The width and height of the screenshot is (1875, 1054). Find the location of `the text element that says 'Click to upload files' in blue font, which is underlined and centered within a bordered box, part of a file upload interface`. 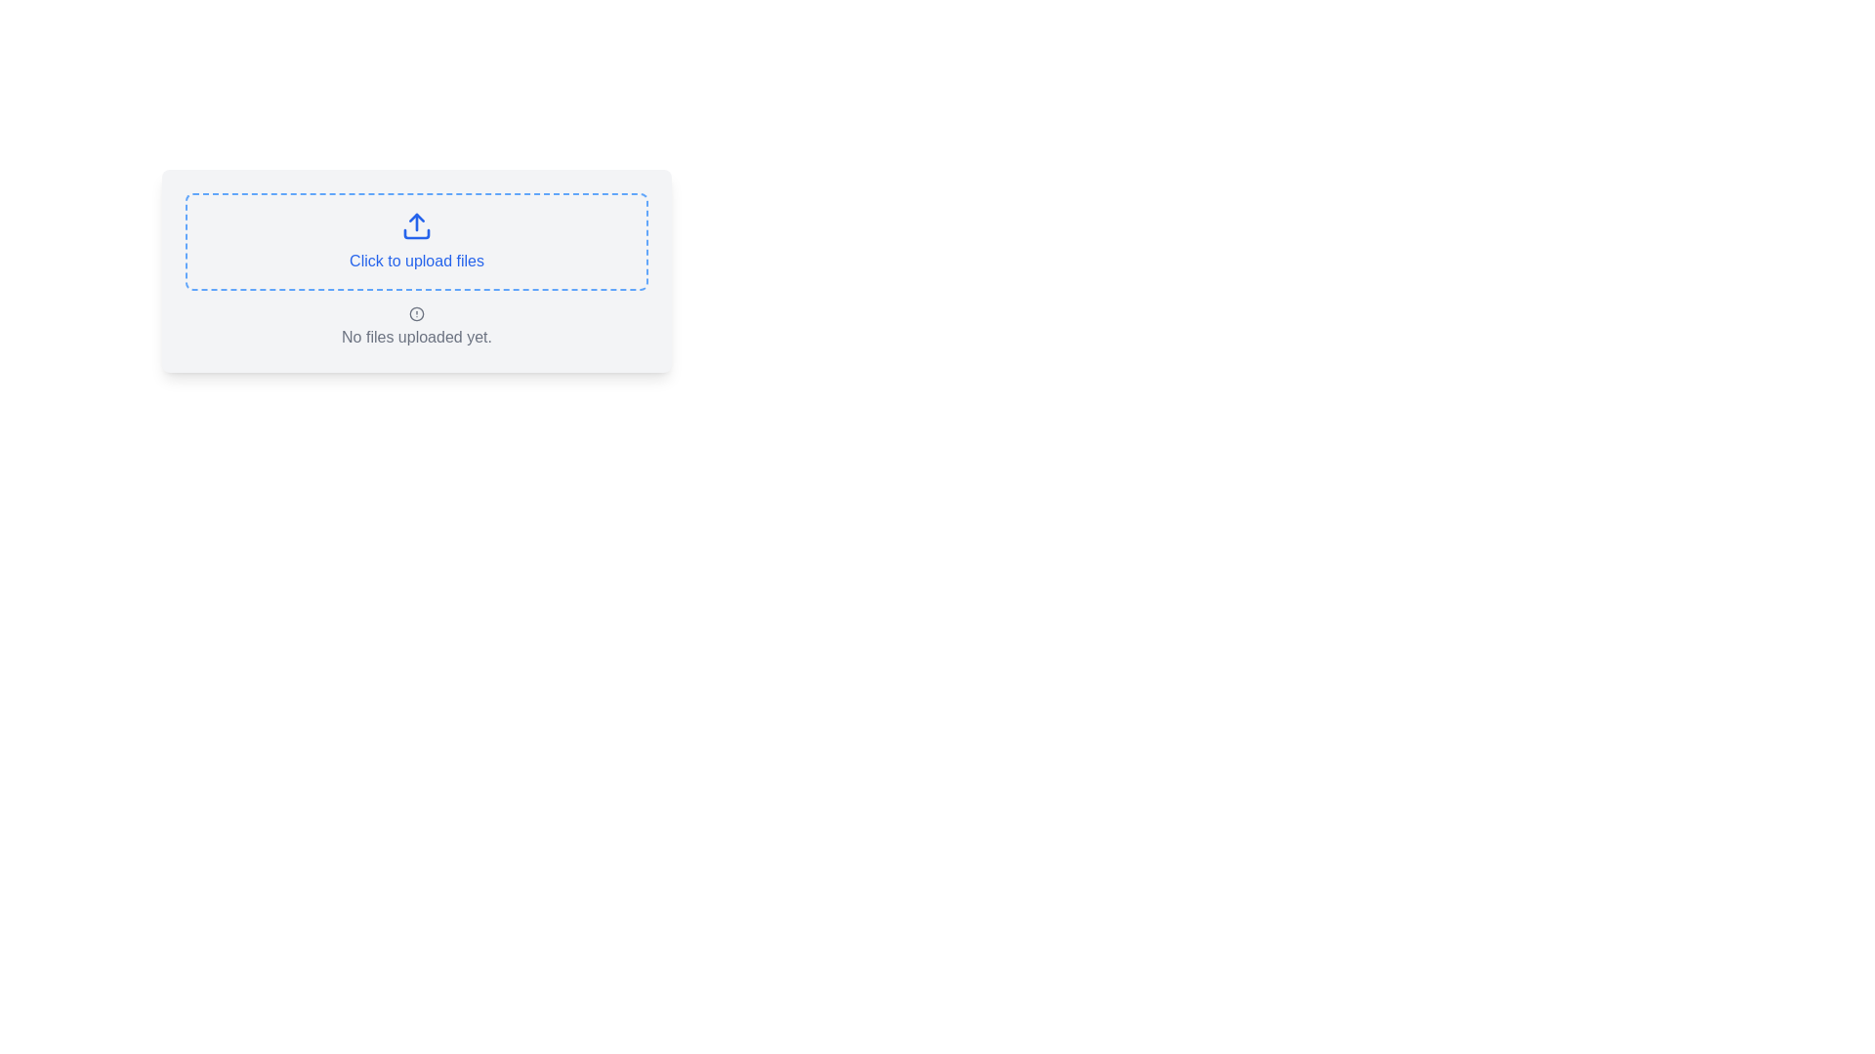

the text element that says 'Click to upload files' in blue font, which is underlined and centered within a bordered box, part of a file upload interface is located at coordinates (416, 260).